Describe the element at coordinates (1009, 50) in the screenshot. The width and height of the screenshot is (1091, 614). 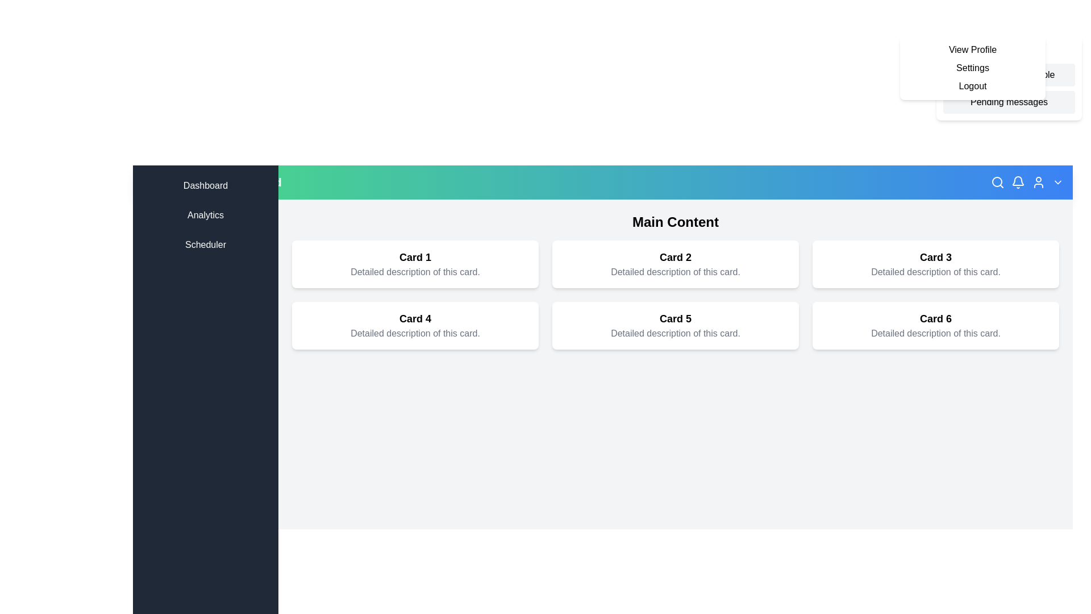
I see `the 'Notifications' text label` at that location.